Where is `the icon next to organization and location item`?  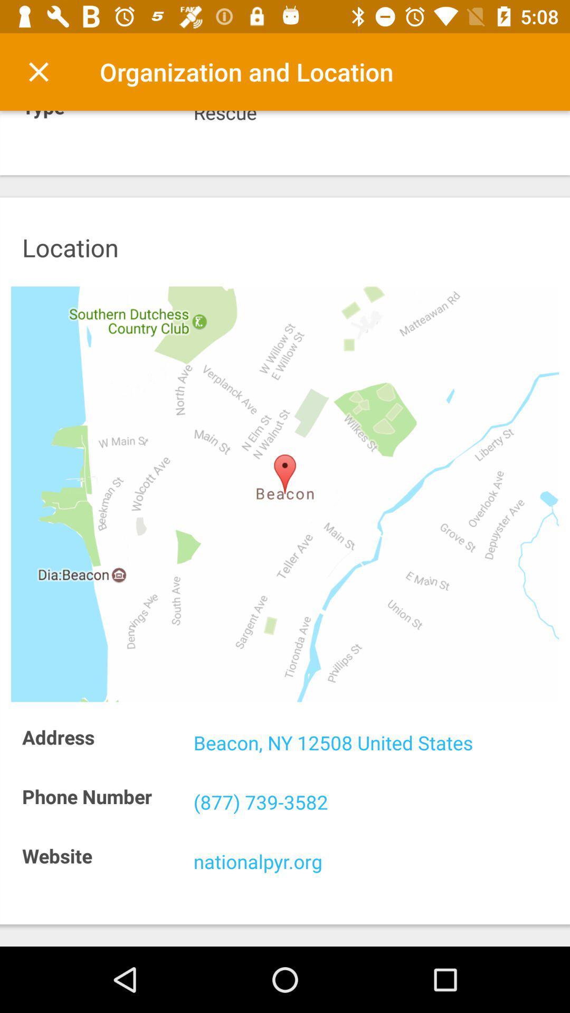 the icon next to organization and location item is located at coordinates (38, 71).